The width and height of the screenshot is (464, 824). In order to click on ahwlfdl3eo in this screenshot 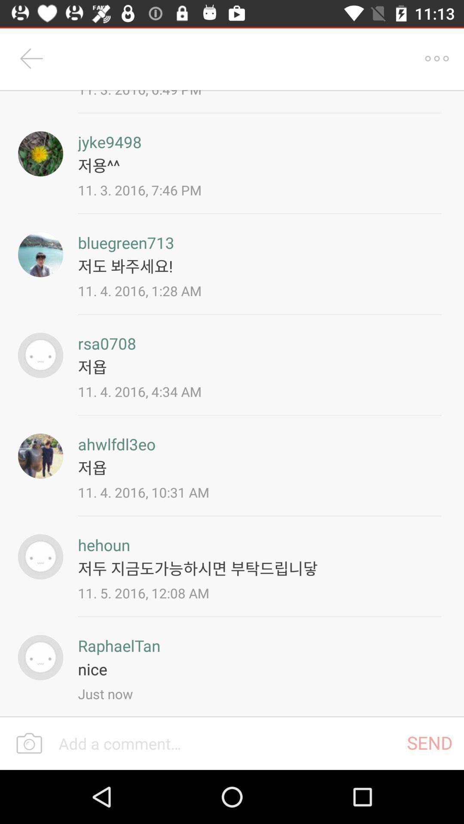, I will do `click(40, 455)`.